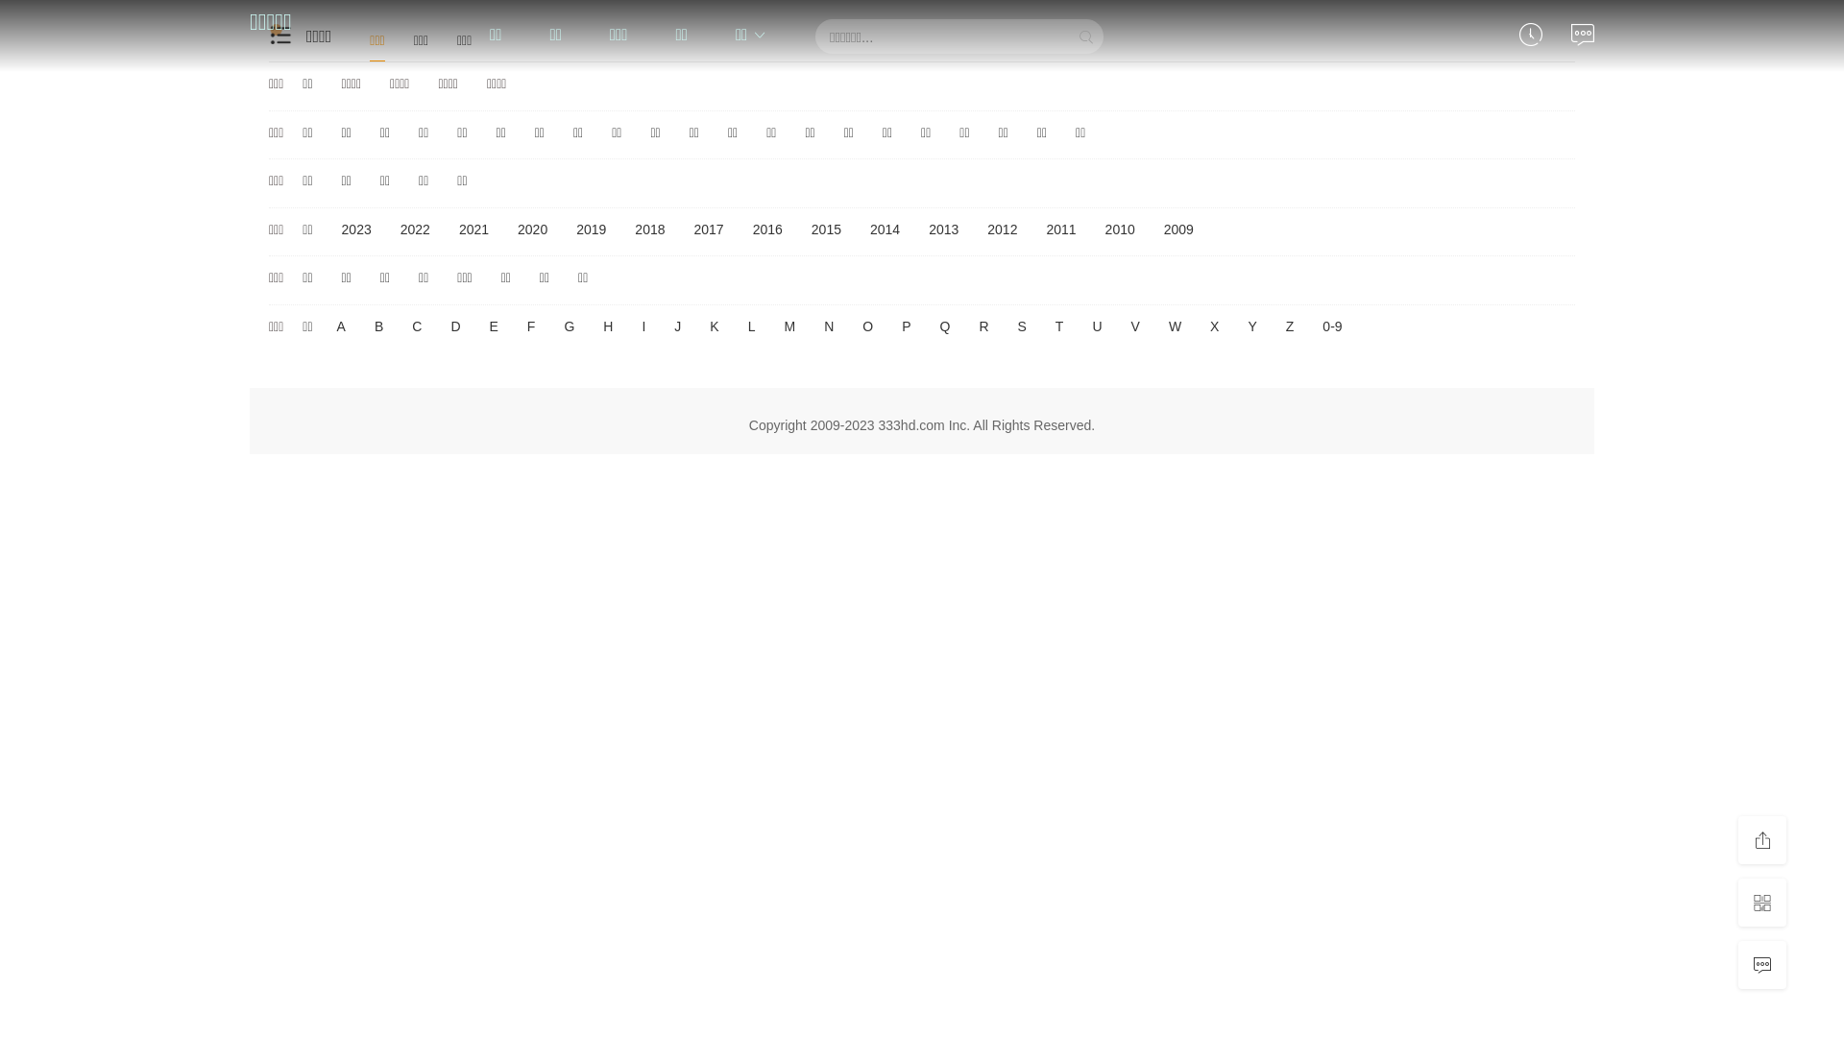 The image size is (1844, 1037). I want to click on 'V', so click(1126, 326).